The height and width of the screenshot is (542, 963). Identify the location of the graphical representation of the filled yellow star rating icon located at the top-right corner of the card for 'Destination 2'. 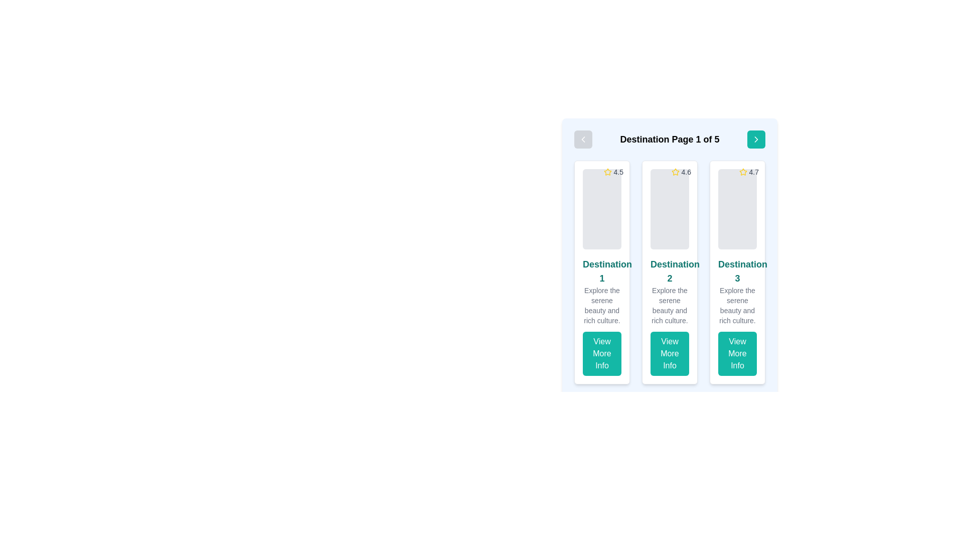
(675, 172).